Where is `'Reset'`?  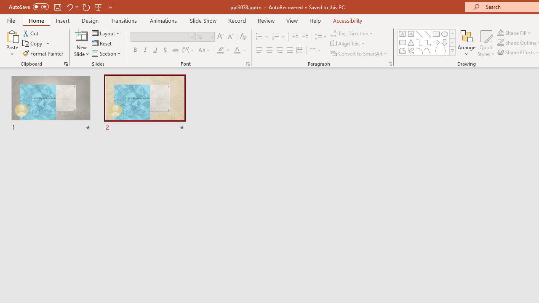 'Reset' is located at coordinates (102, 43).